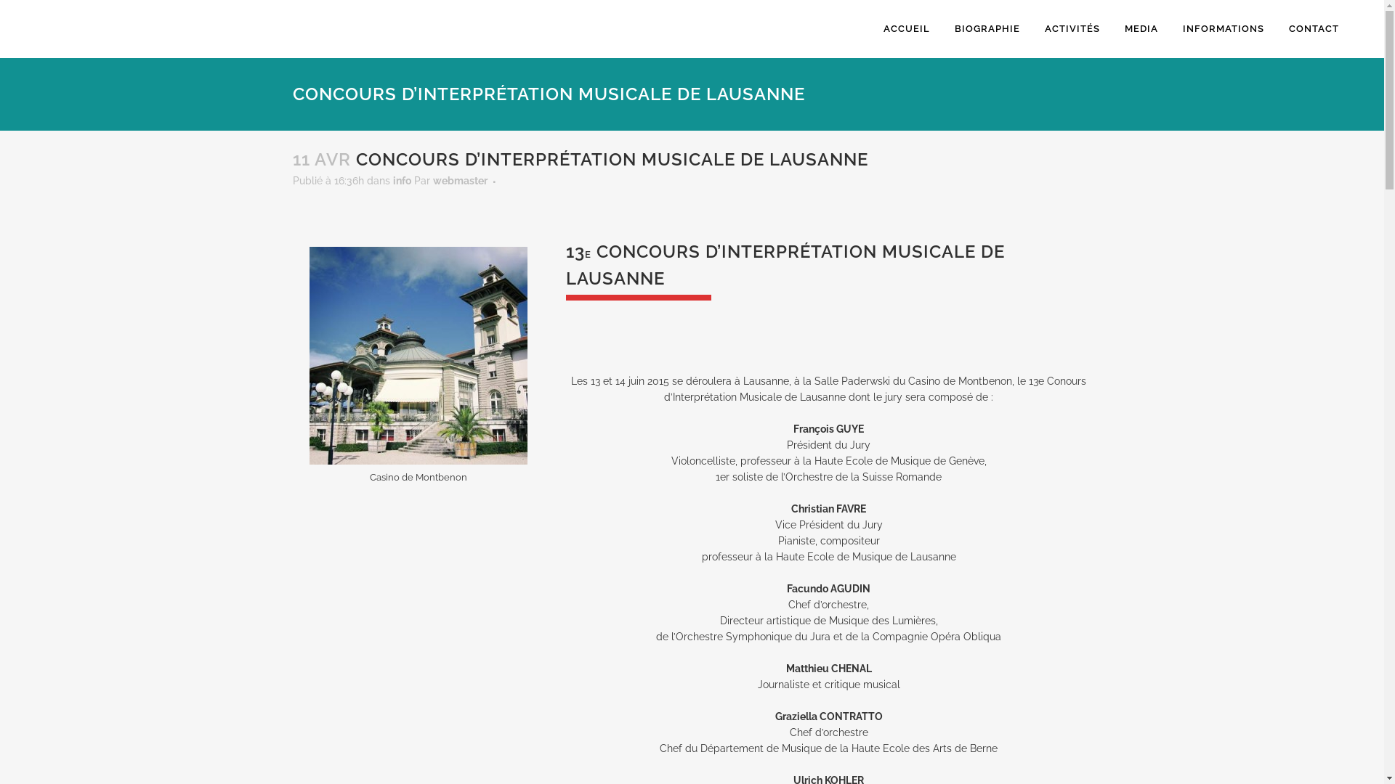  I want to click on 'INFORMATIONS', so click(1170, 28).